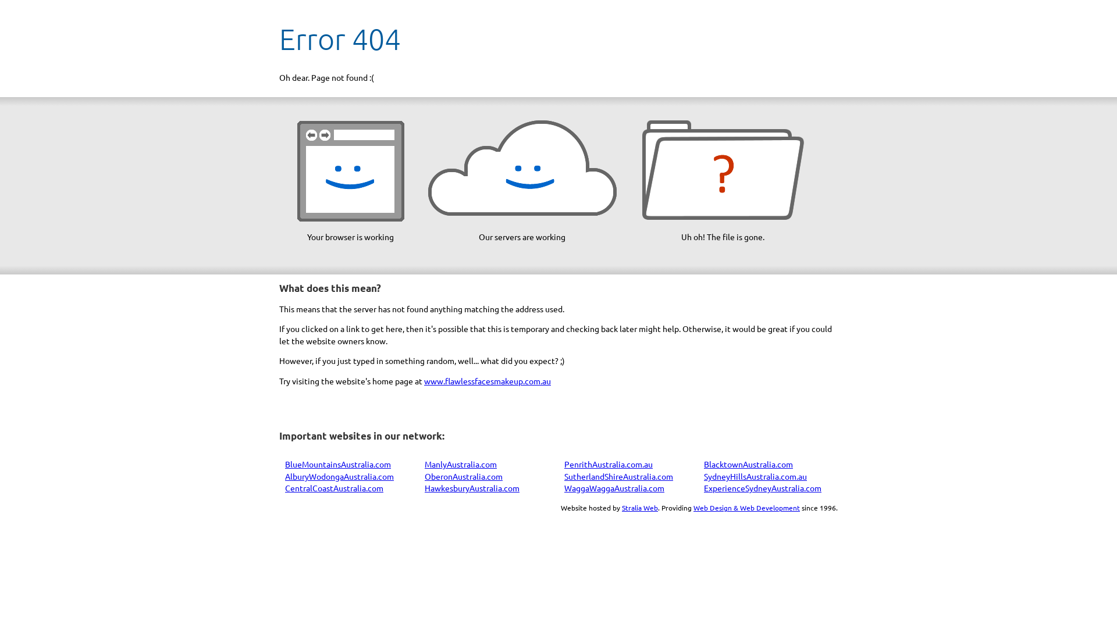 Image resolution: width=1117 pixels, height=628 pixels. What do you see at coordinates (762, 488) in the screenshot?
I see `'ExperienceSydneyAustralia.com'` at bounding box center [762, 488].